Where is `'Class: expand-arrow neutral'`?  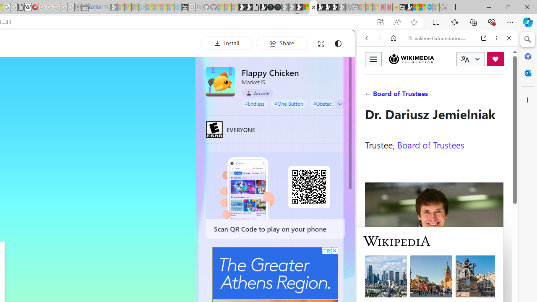 'Class: expand-arrow neutral' is located at coordinates (340, 104).